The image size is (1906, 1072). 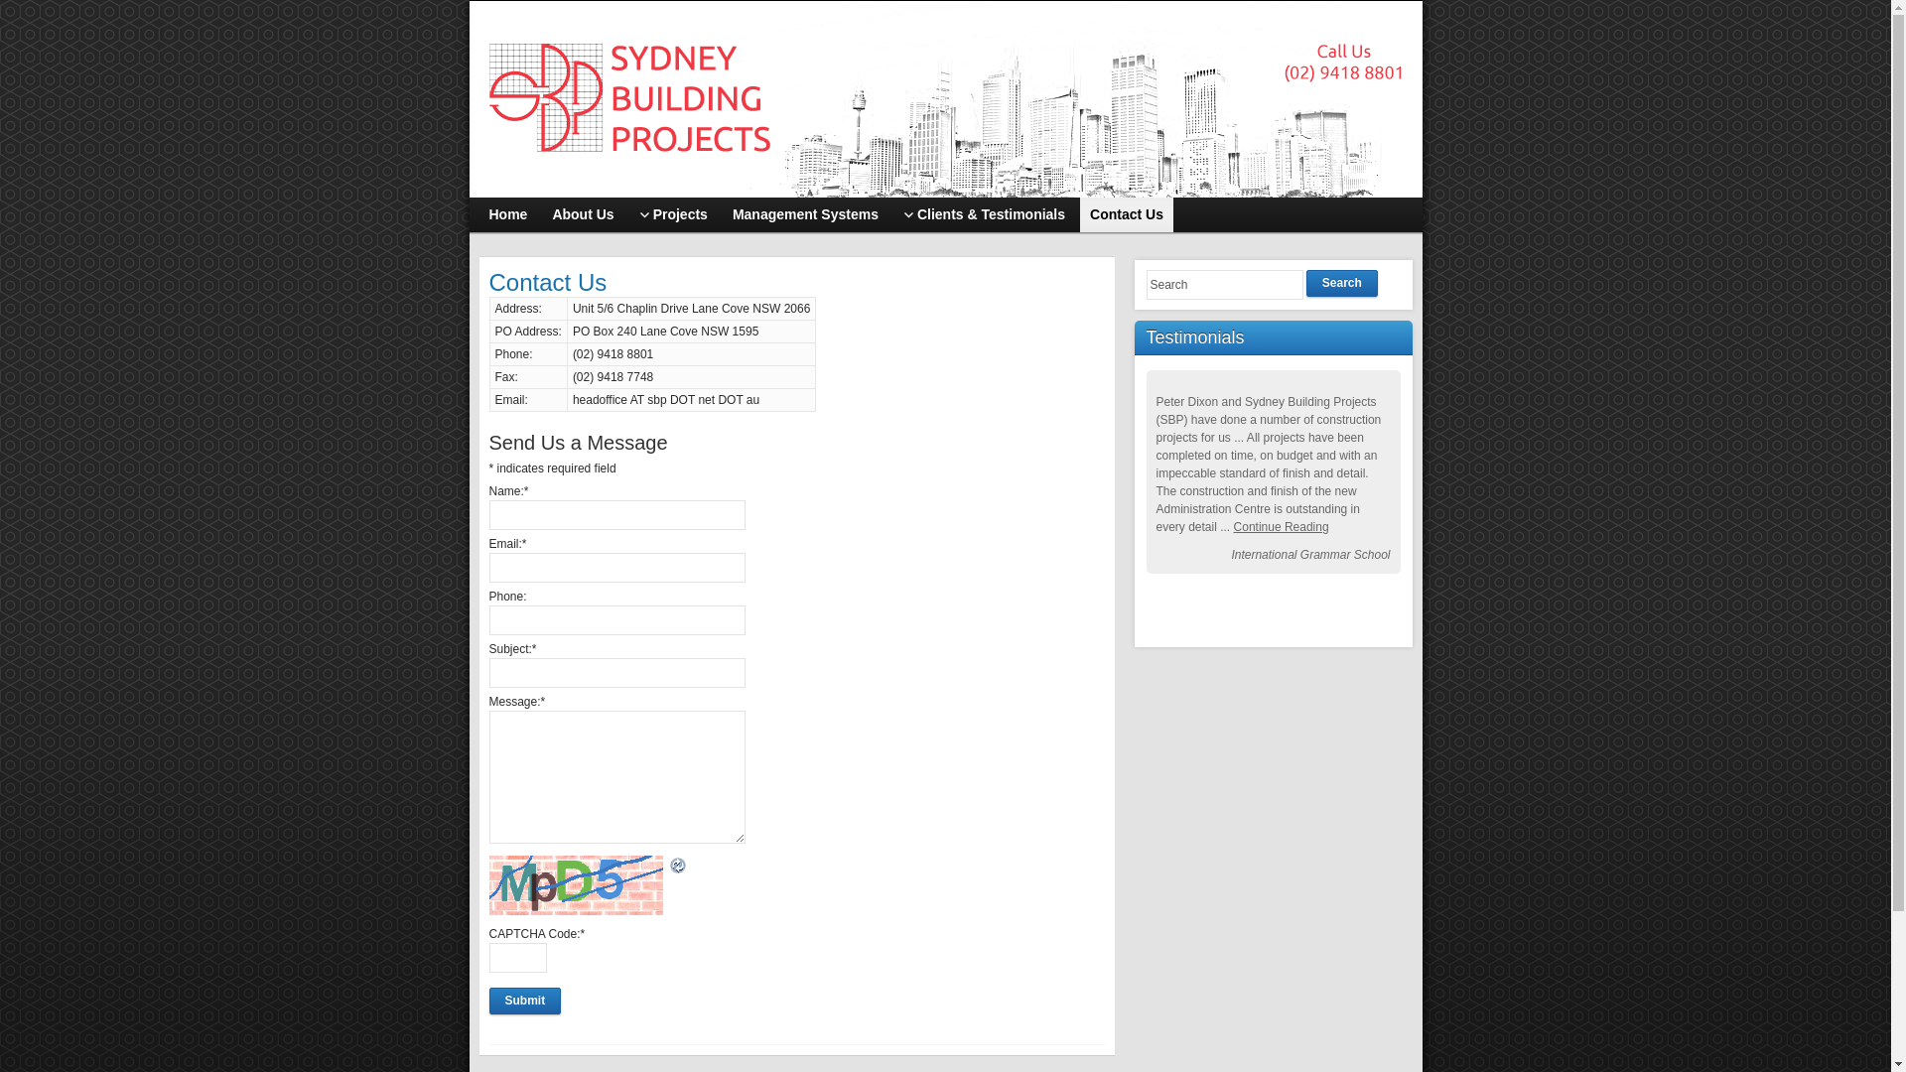 I want to click on 'Home', so click(x=507, y=214).